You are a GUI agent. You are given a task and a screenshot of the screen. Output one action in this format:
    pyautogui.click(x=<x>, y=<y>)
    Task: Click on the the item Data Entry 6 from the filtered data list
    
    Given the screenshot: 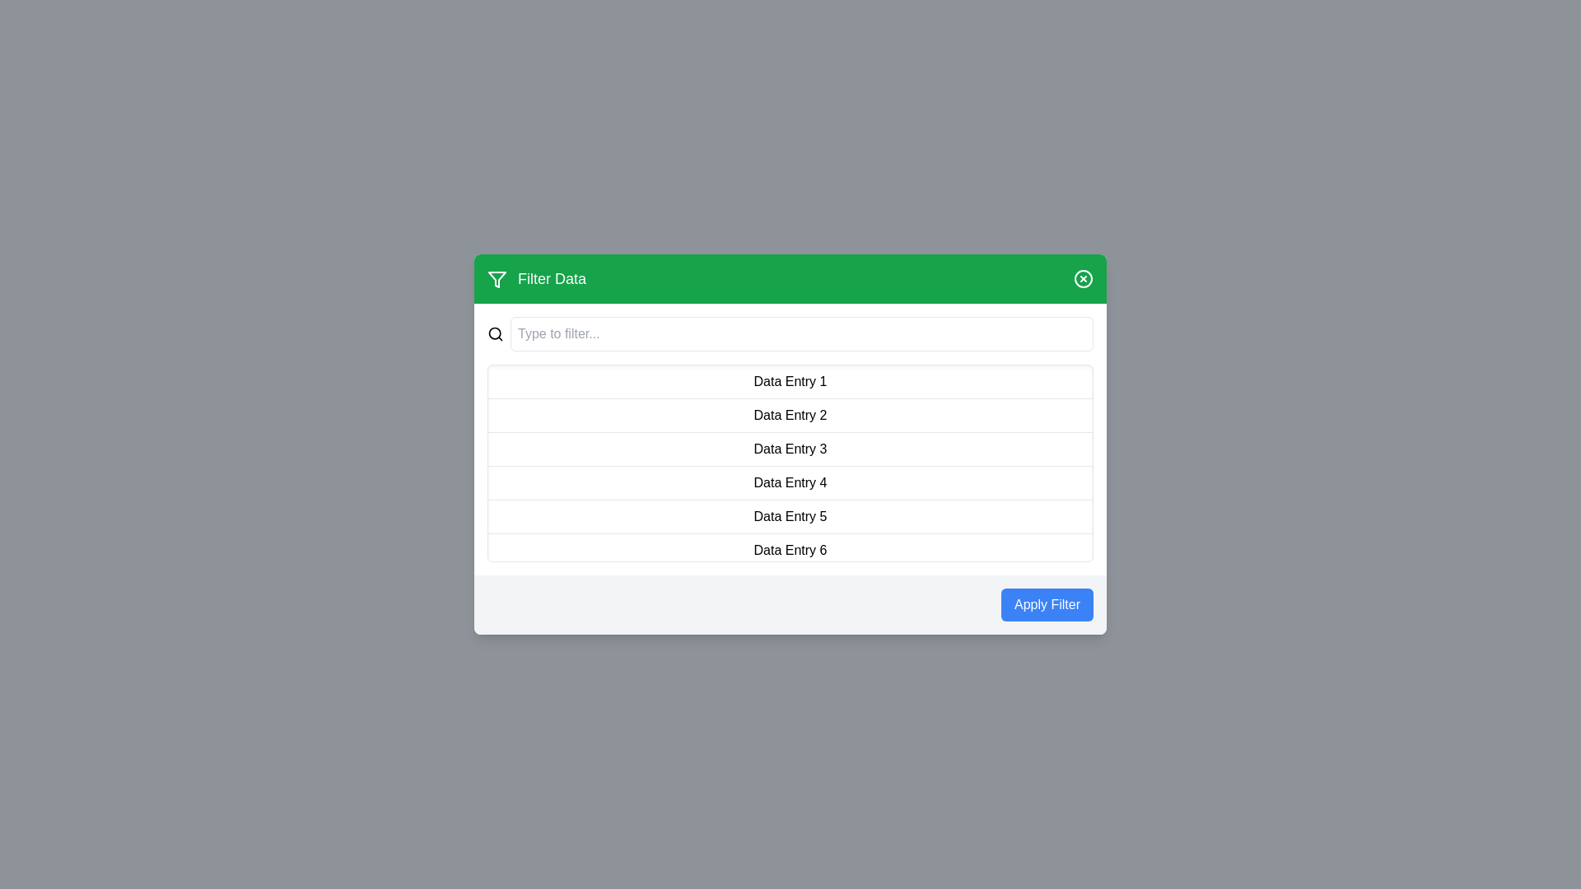 What is the action you would take?
    pyautogui.click(x=790, y=551)
    